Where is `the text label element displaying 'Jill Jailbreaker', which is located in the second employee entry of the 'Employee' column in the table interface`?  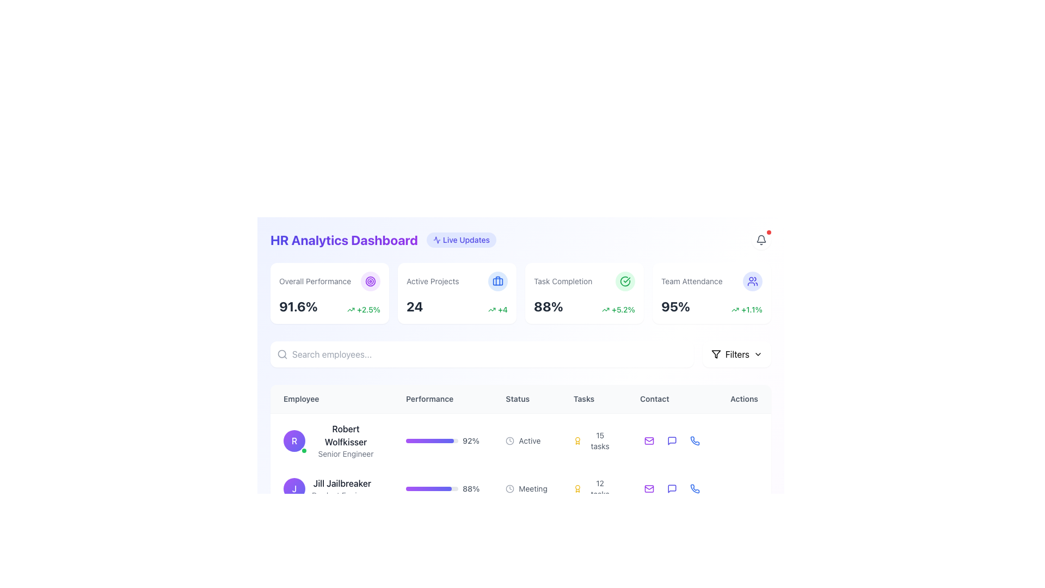 the text label element displaying 'Jill Jailbreaker', which is located in the second employee entry of the 'Employee' column in the table interface is located at coordinates (341, 482).